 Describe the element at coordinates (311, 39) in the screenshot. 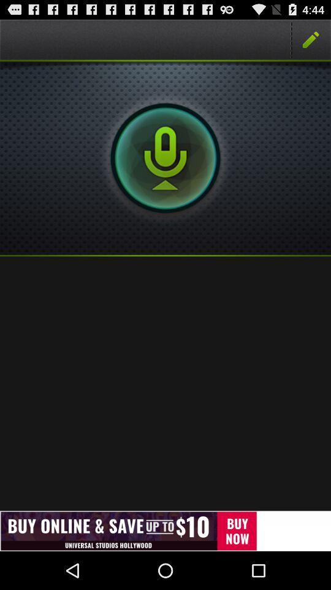

I see `the item at the top right corner` at that location.